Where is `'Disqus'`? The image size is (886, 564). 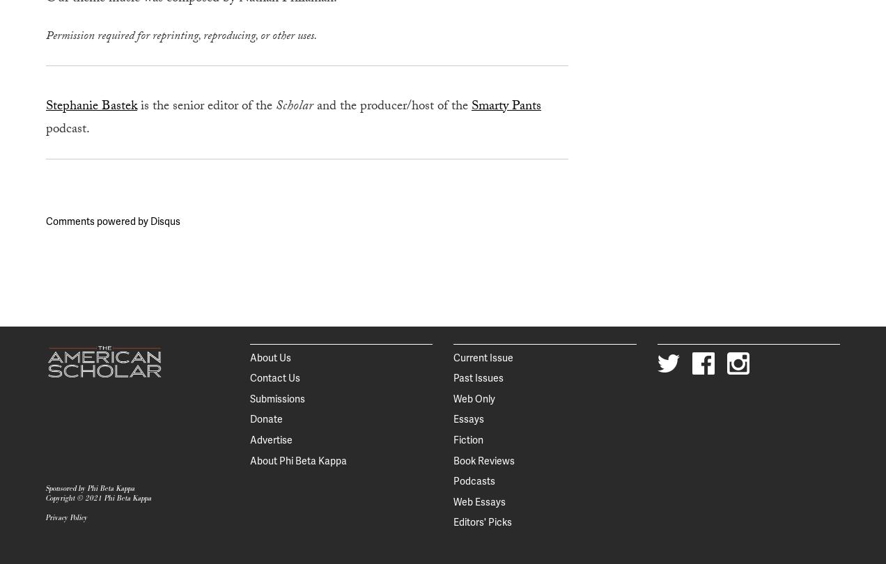
'Disqus' is located at coordinates (164, 220).